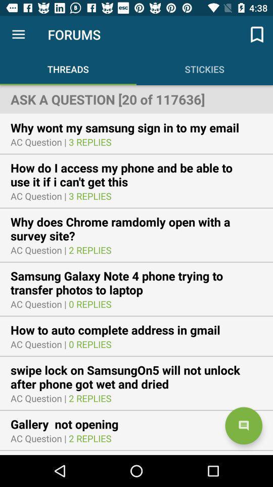 The height and width of the screenshot is (487, 273). Describe the element at coordinates (70, 424) in the screenshot. I see `the gallery  not opening item` at that location.